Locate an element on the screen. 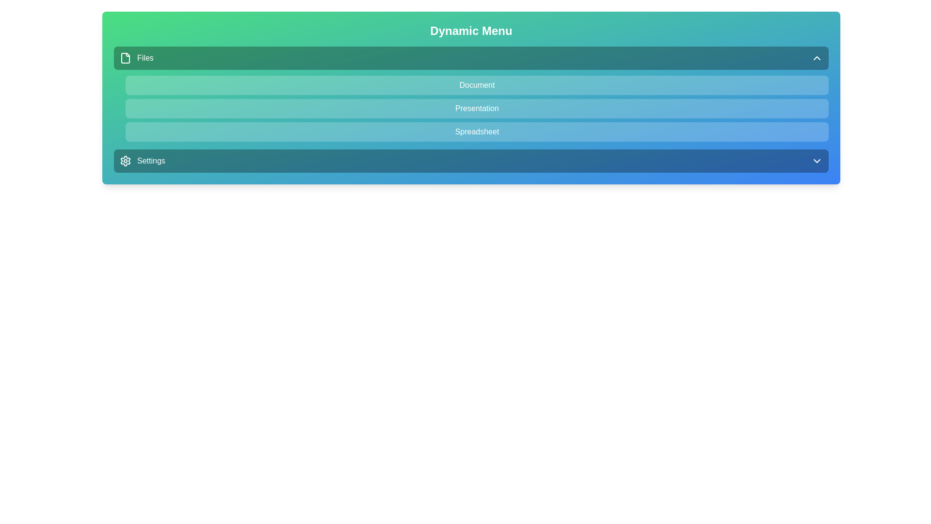 The width and height of the screenshot is (931, 524). the document icon located to the far left of the 'Files' label in the top section of the 'Dynamic Menu' interface, as it represents document-related content is located at coordinates (125, 58).